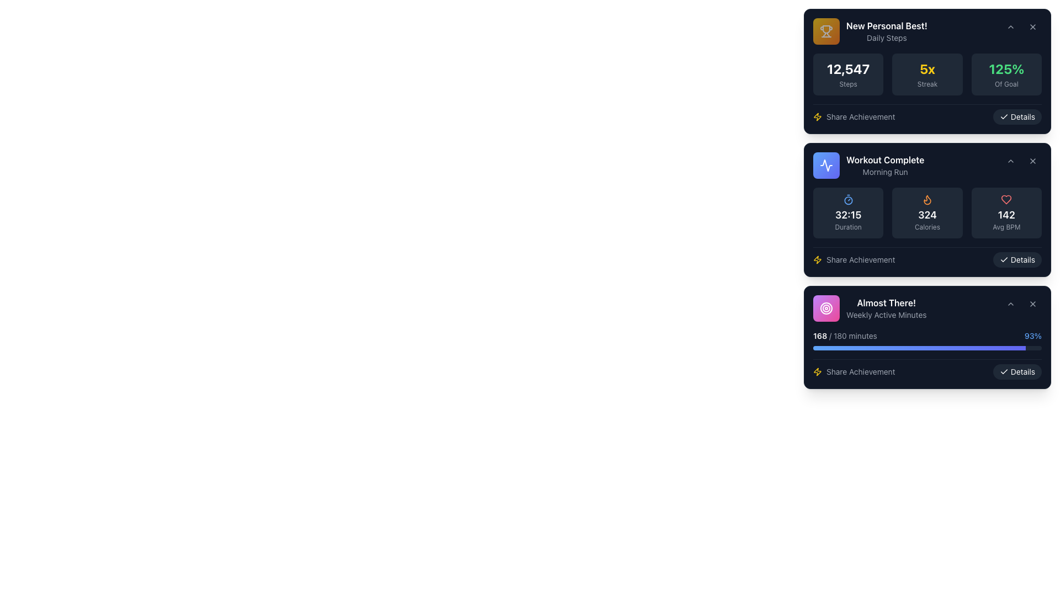 This screenshot has height=596, width=1060. What do you see at coordinates (887, 25) in the screenshot?
I see `the Text Label that indicates an achievement or noteworthy information, located in the upper-left corner of its enclosing card, above the 'Daily Steps' label` at bounding box center [887, 25].